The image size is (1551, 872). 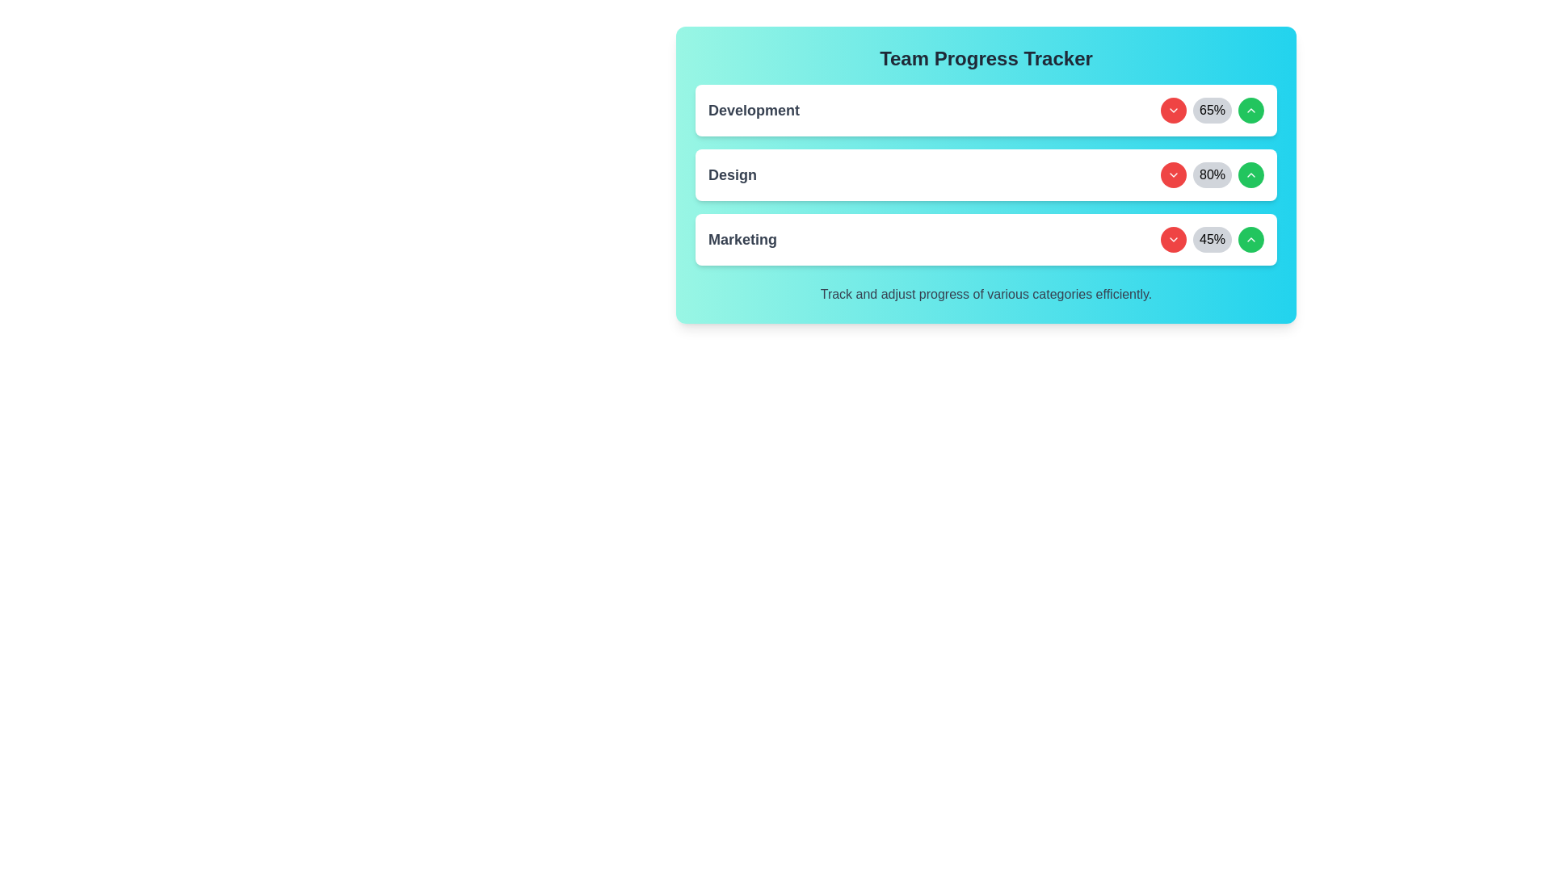 What do you see at coordinates (1213, 174) in the screenshot?
I see `the progress value displayed in the Progress Indicator, which shows '80%' in bold black font on a light gray background, positioned in the 'Design' section` at bounding box center [1213, 174].